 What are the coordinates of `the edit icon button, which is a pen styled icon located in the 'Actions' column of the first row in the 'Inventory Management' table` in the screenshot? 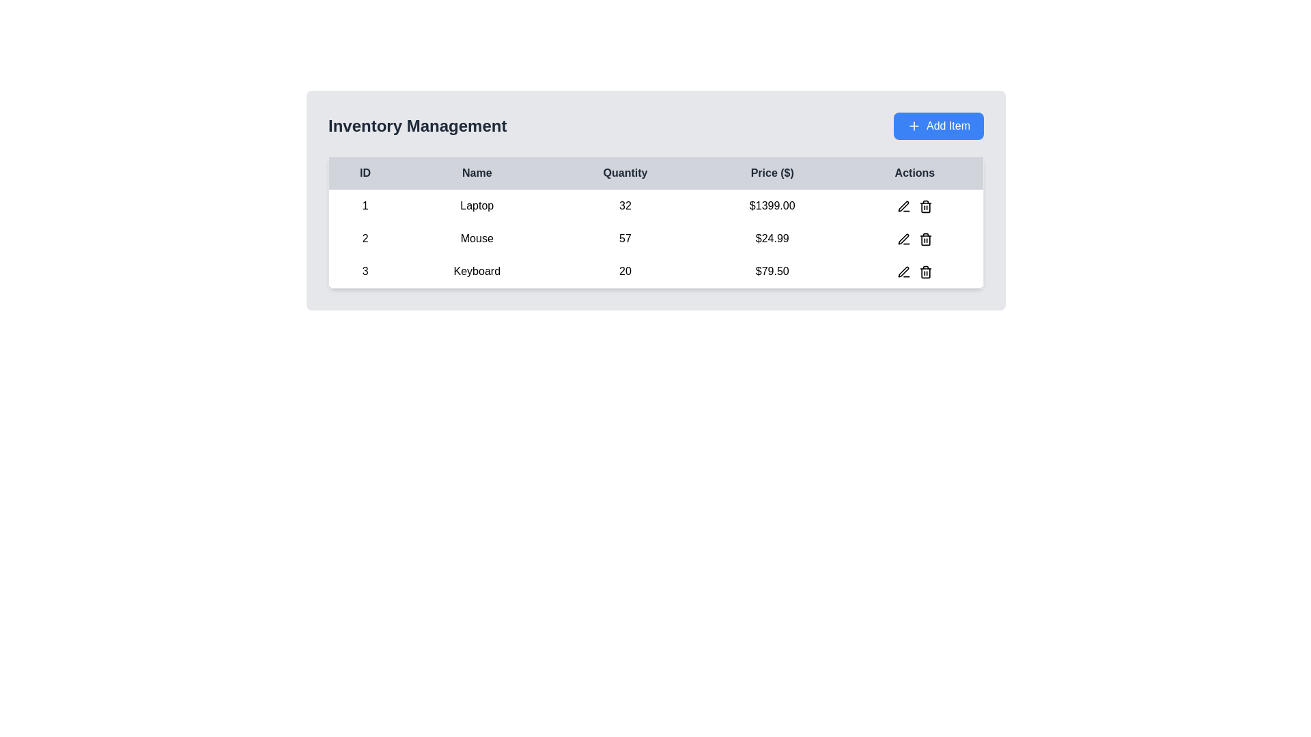 It's located at (903, 206).